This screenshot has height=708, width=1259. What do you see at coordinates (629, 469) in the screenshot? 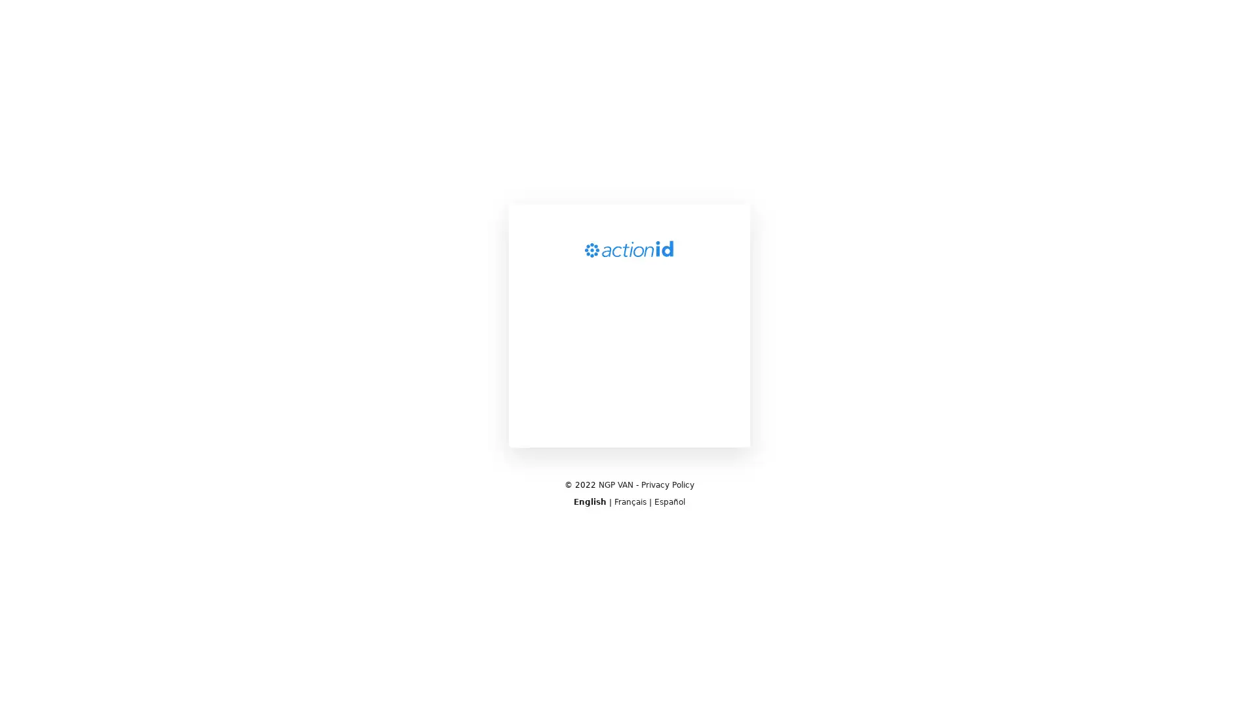
I see `Sign Up` at bounding box center [629, 469].